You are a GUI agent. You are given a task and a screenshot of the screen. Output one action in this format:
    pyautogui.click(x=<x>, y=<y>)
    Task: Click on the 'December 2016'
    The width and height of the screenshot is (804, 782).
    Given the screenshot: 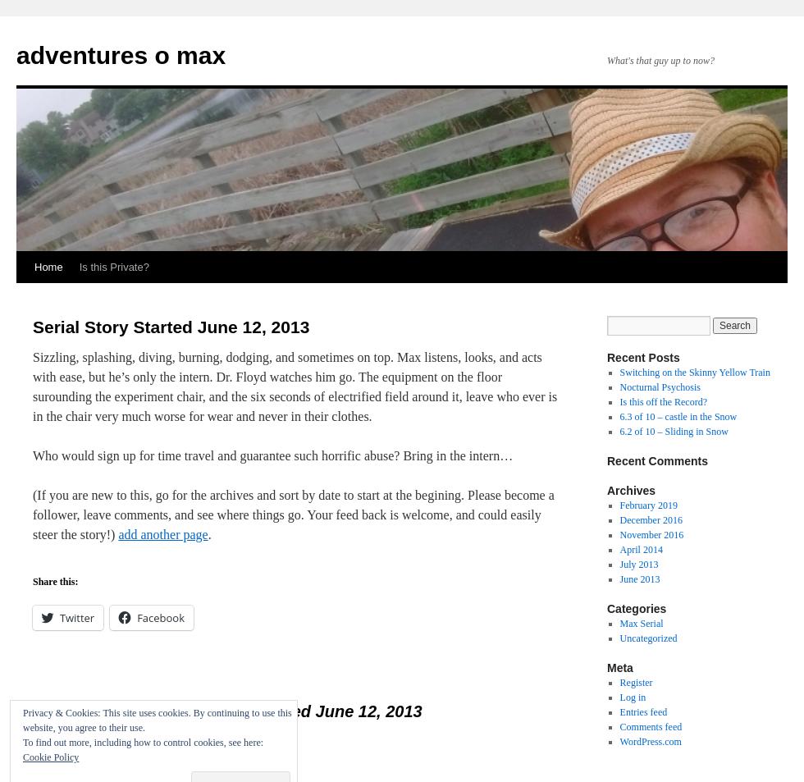 What is the action you would take?
    pyautogui.click(x=651, y=520)
    